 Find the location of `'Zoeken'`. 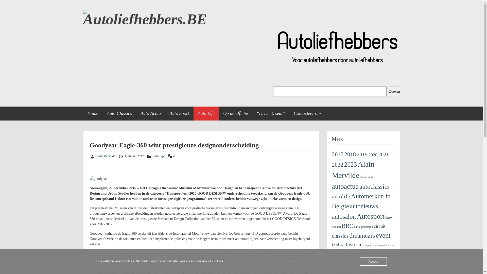

'Zoeken' is located at coordinates (394, 91).